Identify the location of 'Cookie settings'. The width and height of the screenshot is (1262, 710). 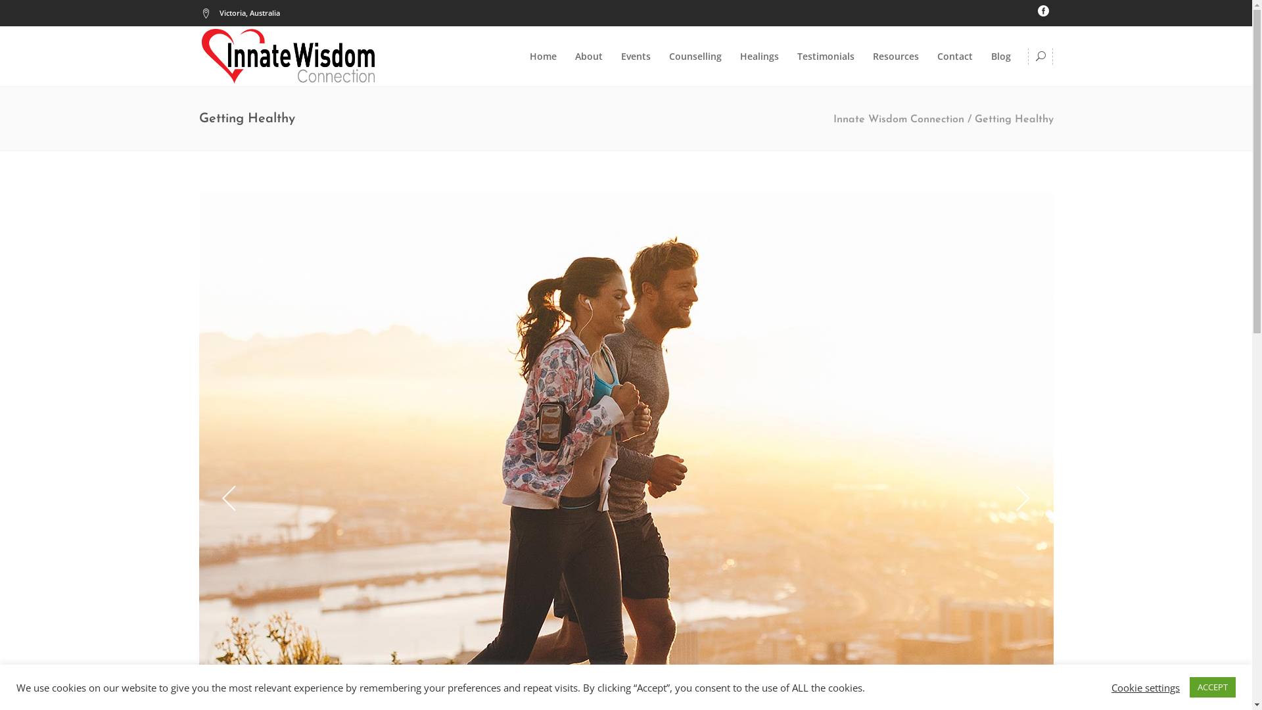
(1110, 686).